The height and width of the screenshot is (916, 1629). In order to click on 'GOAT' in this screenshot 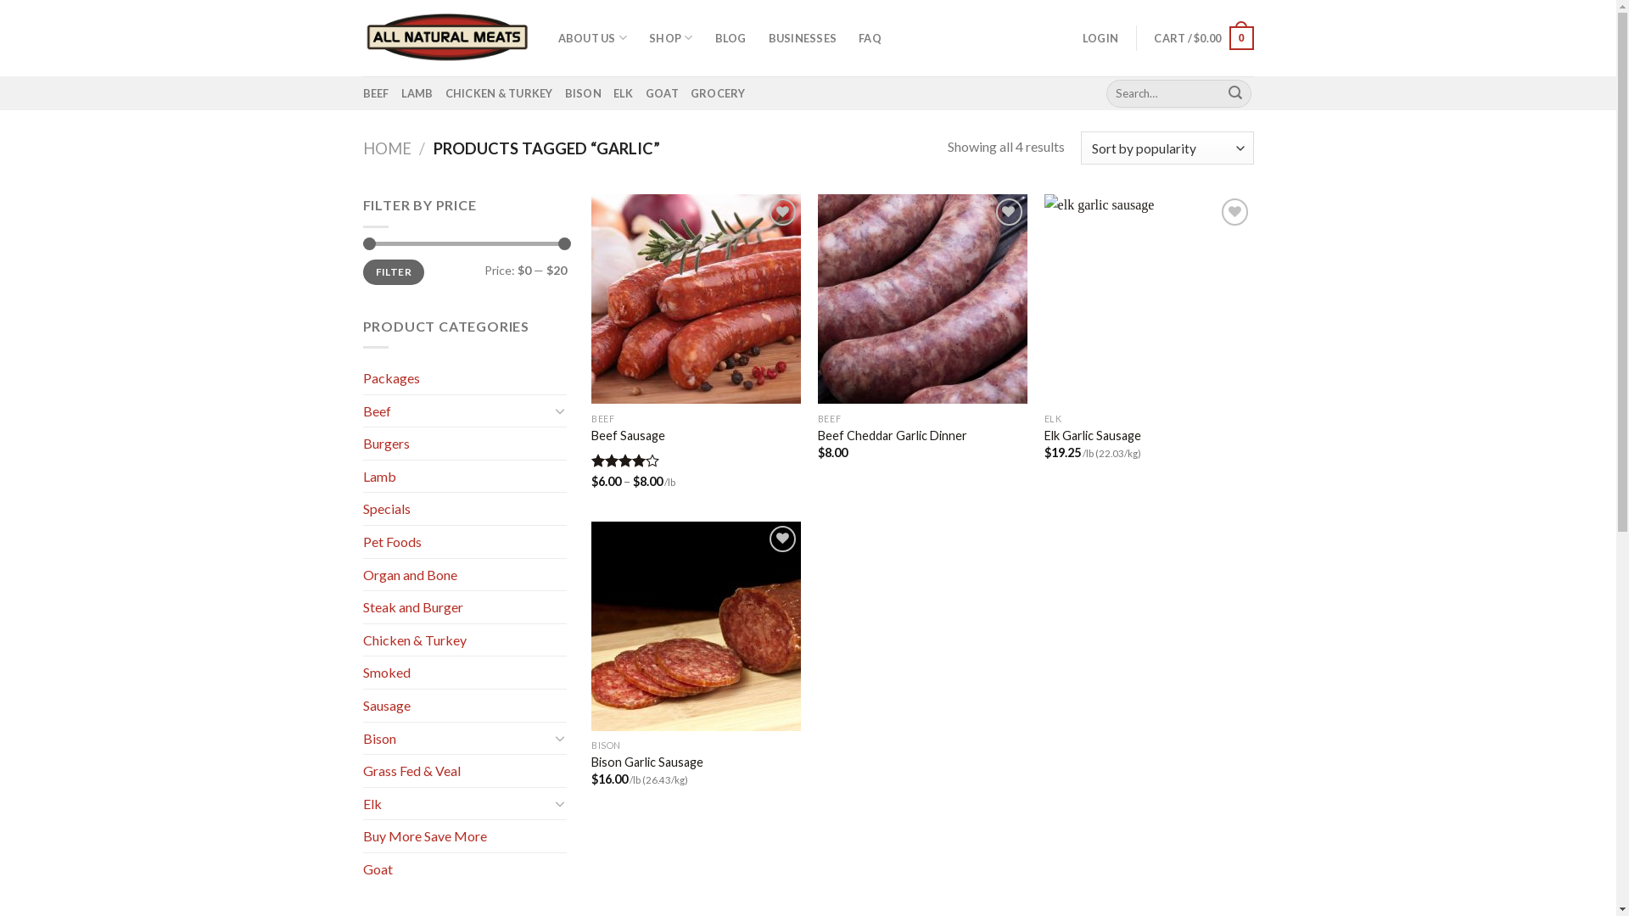, I will do `click(661, 93)`.